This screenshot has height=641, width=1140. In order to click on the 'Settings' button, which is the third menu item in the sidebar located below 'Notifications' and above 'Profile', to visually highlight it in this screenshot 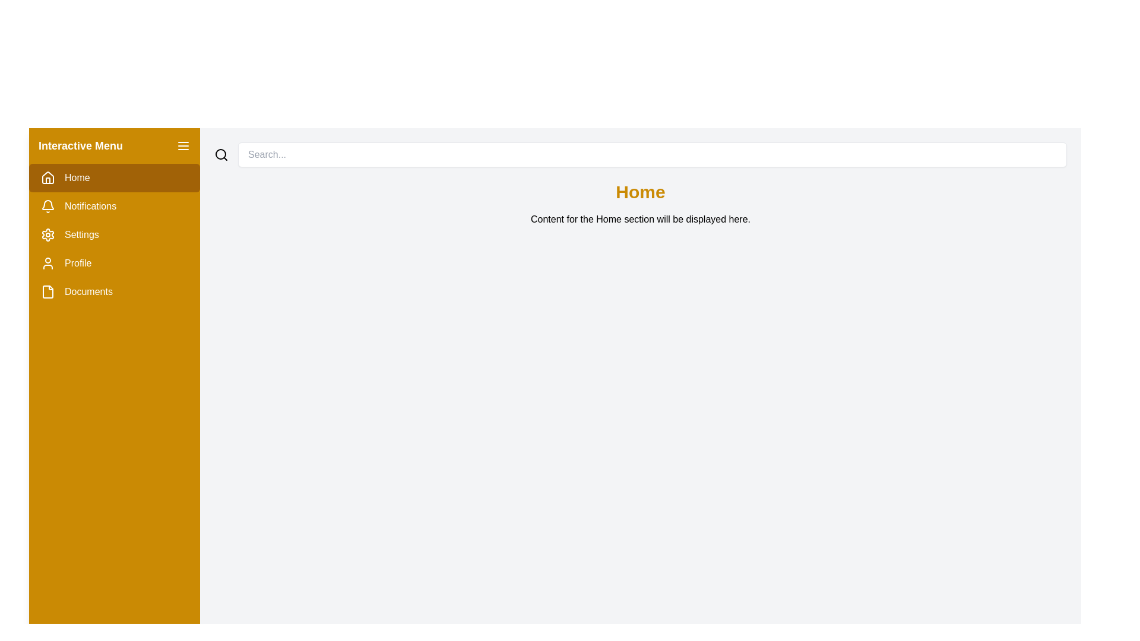, I will do `click(114, 235)`.